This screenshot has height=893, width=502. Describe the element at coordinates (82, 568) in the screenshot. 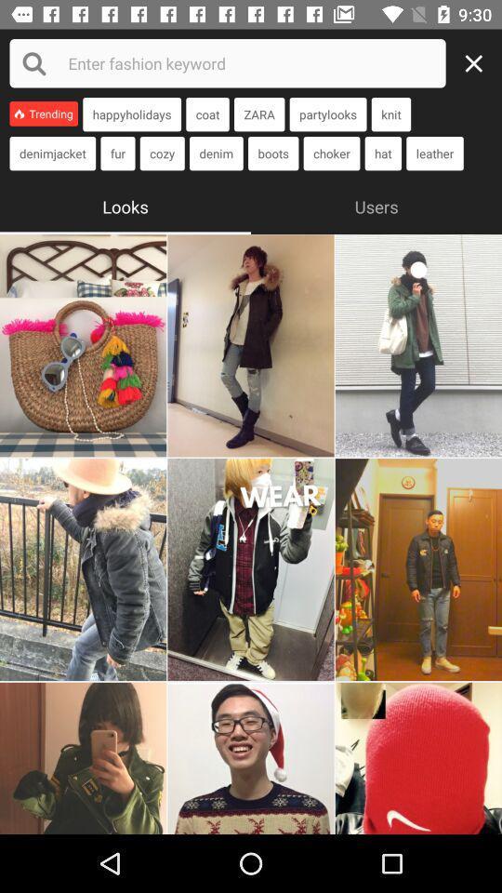

I see `photo` at that location.